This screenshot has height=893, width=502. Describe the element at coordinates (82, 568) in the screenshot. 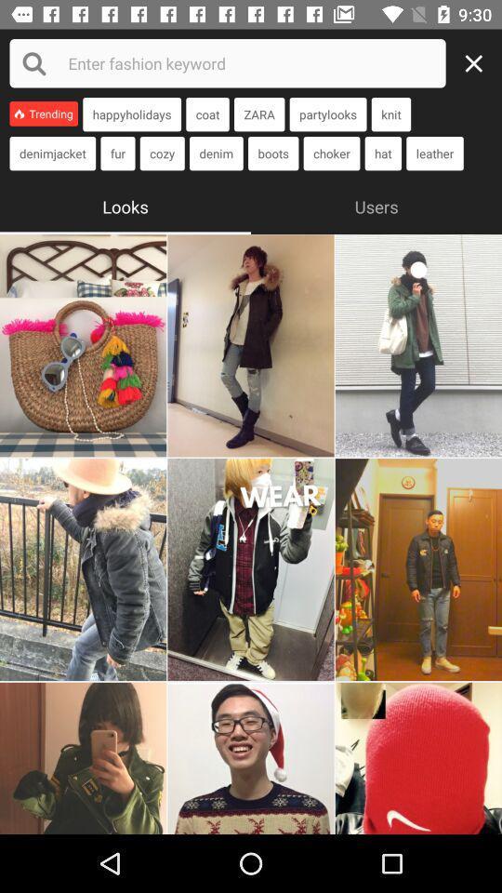

I see `photo` at that location.